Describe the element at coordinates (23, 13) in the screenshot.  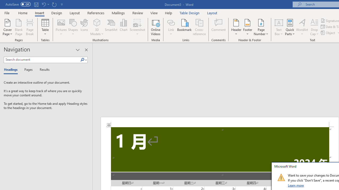
I see `'Home'` at that location.